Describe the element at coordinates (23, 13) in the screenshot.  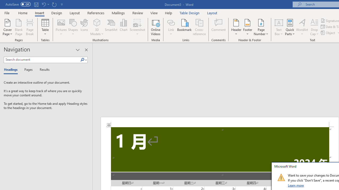
I see `'Home'` at that location.